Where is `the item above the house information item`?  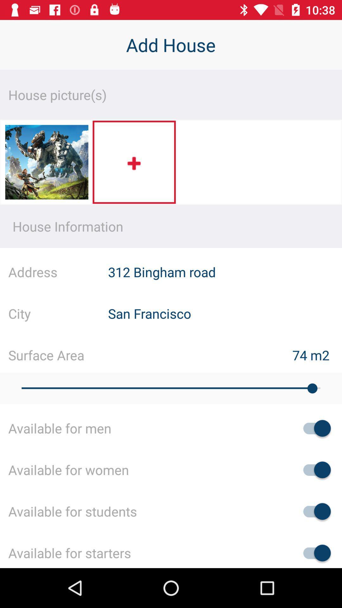
the item above the house information item is located at coordinates (46, 164).